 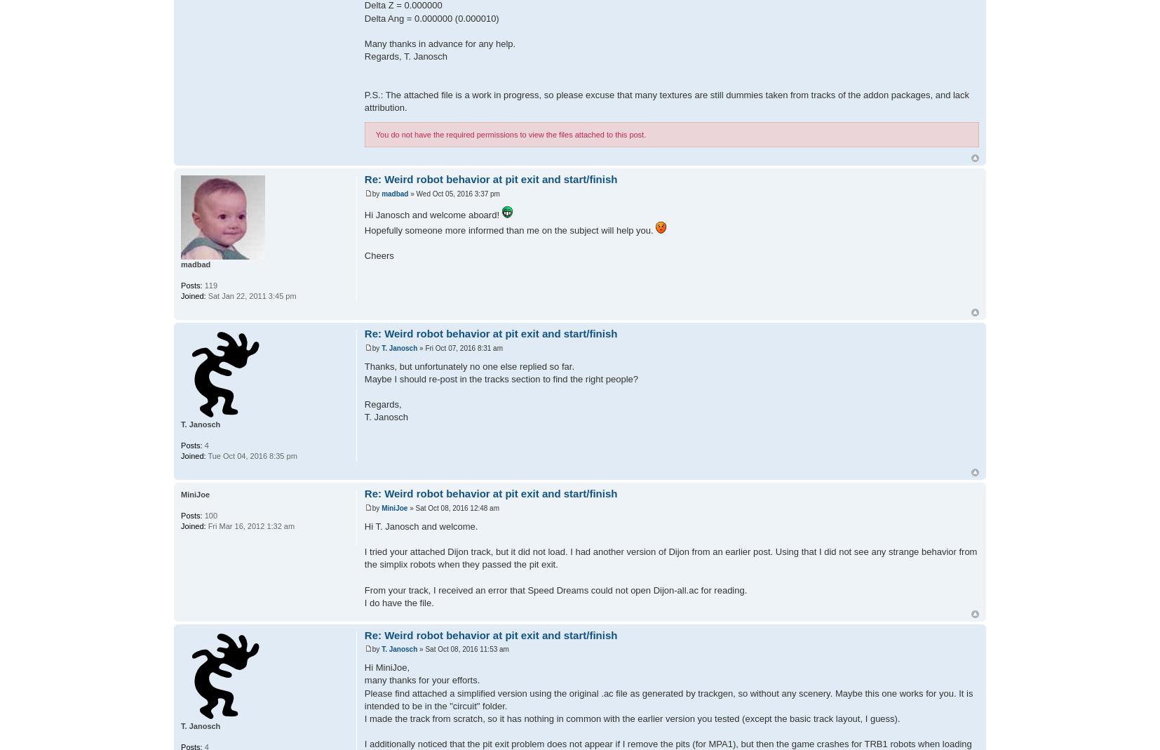 What do you see at coordinates (364, 558) in the screenshot?
I see `'I tried your attached Dijon track, but it did not load. I had another version of Dijon from an earlier post. Using that I did not see any strange behavior from the simplix robots when they passed the pit exit.'` at bounding box center [364, 558].